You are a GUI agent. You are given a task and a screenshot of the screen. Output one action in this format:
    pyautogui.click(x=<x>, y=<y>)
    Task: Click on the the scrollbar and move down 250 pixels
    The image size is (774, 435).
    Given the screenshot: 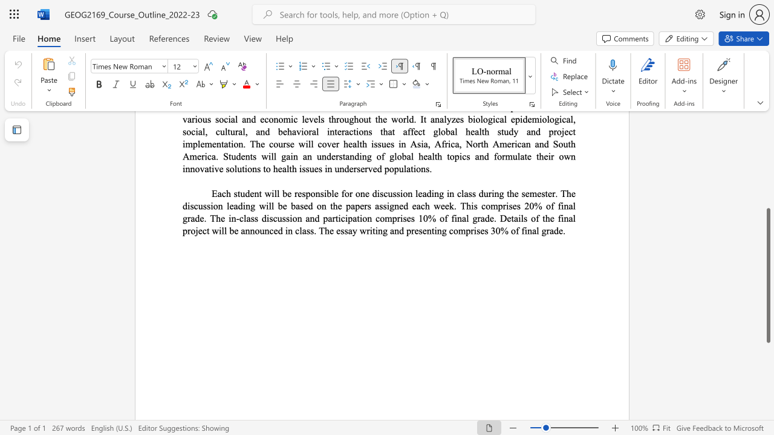 What is the action you would take?
    pyautogui.click(x=767, y=275)
    